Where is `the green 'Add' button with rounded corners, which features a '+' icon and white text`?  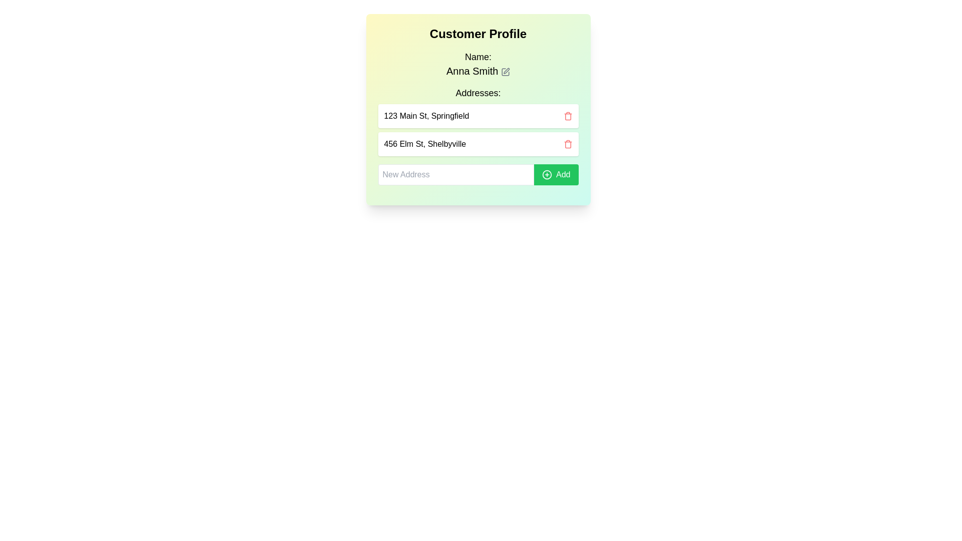
the green 'Add' button with rounded corners, which features a '+' icon and white text is located at coordinates (556, 174).